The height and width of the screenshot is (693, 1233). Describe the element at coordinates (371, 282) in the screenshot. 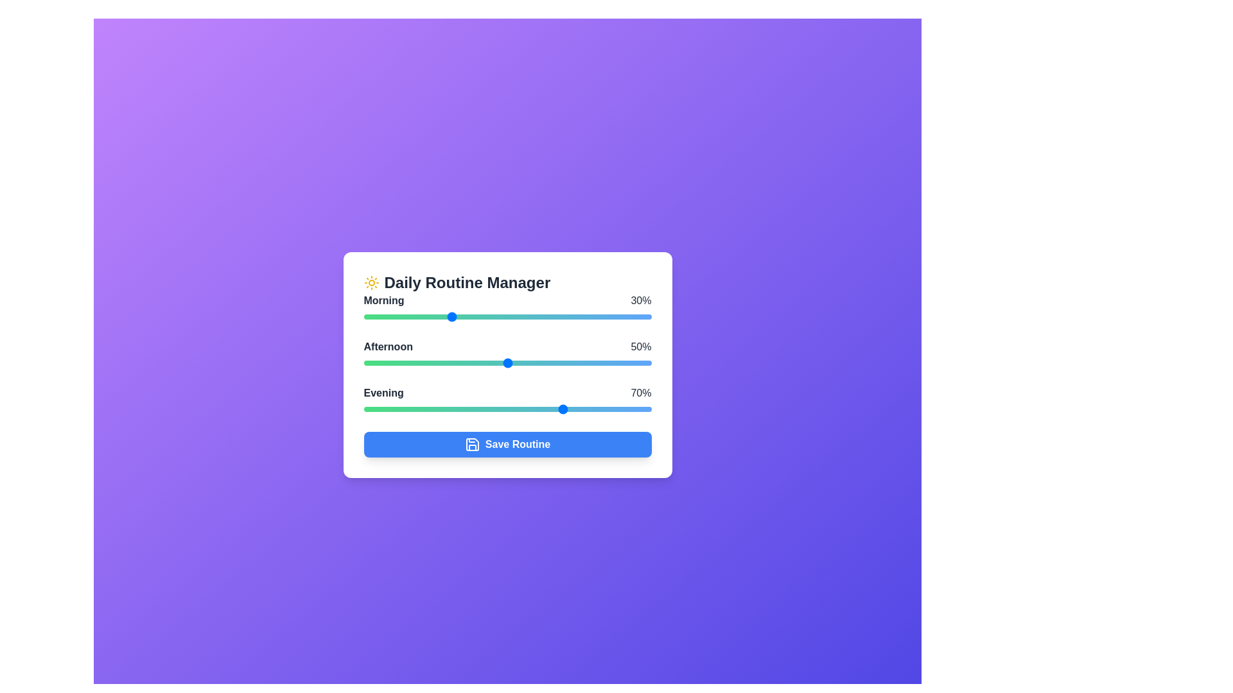

I see `the sun icon next to the title text` at that location.